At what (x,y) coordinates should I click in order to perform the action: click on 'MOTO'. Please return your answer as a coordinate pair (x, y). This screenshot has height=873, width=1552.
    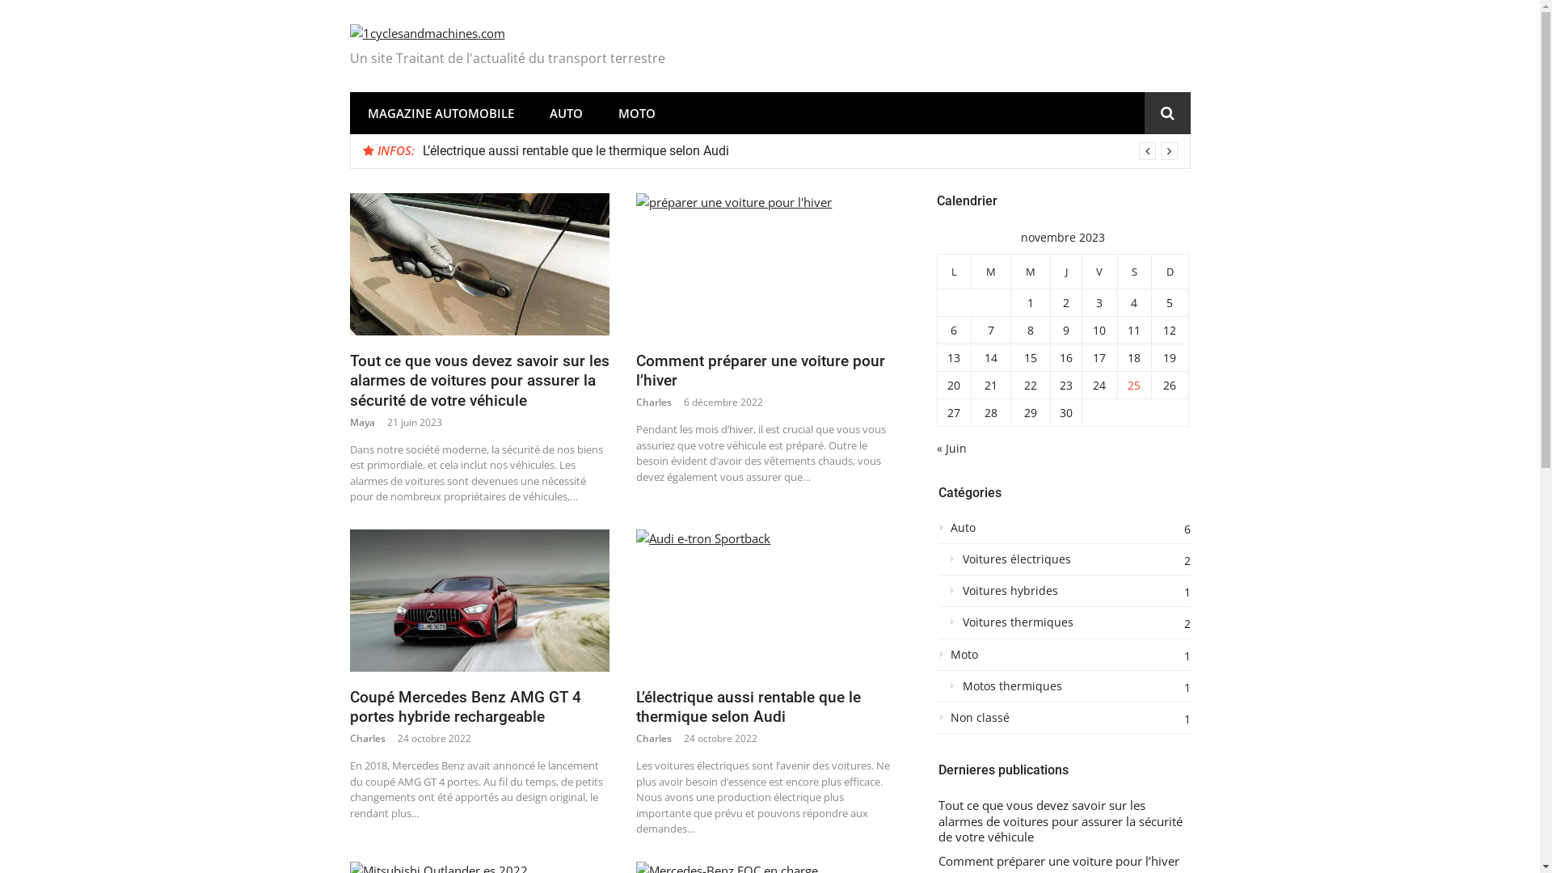
    Looking at the image, I should click on (635, 112).